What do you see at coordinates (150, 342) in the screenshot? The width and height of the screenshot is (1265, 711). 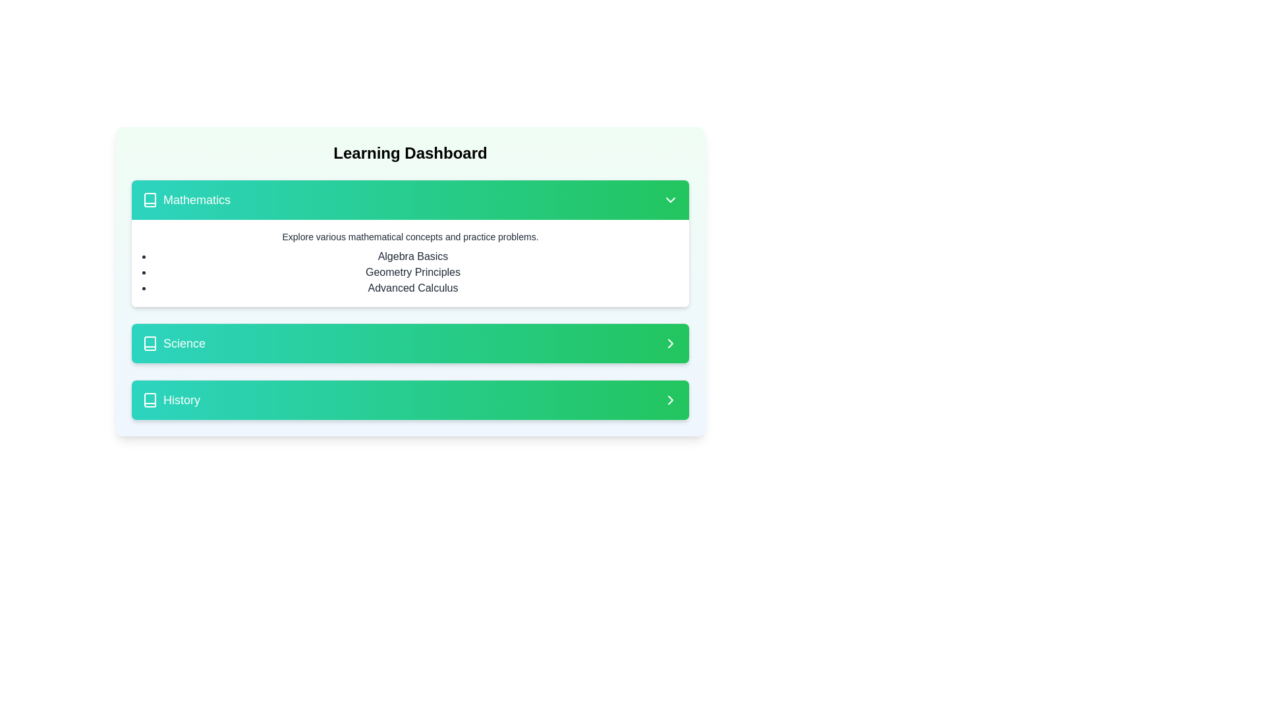 I see `the 'Science' category icon, which is a visual indicator located in the green band adjacent to its text label` at bounding box center [150, 342].